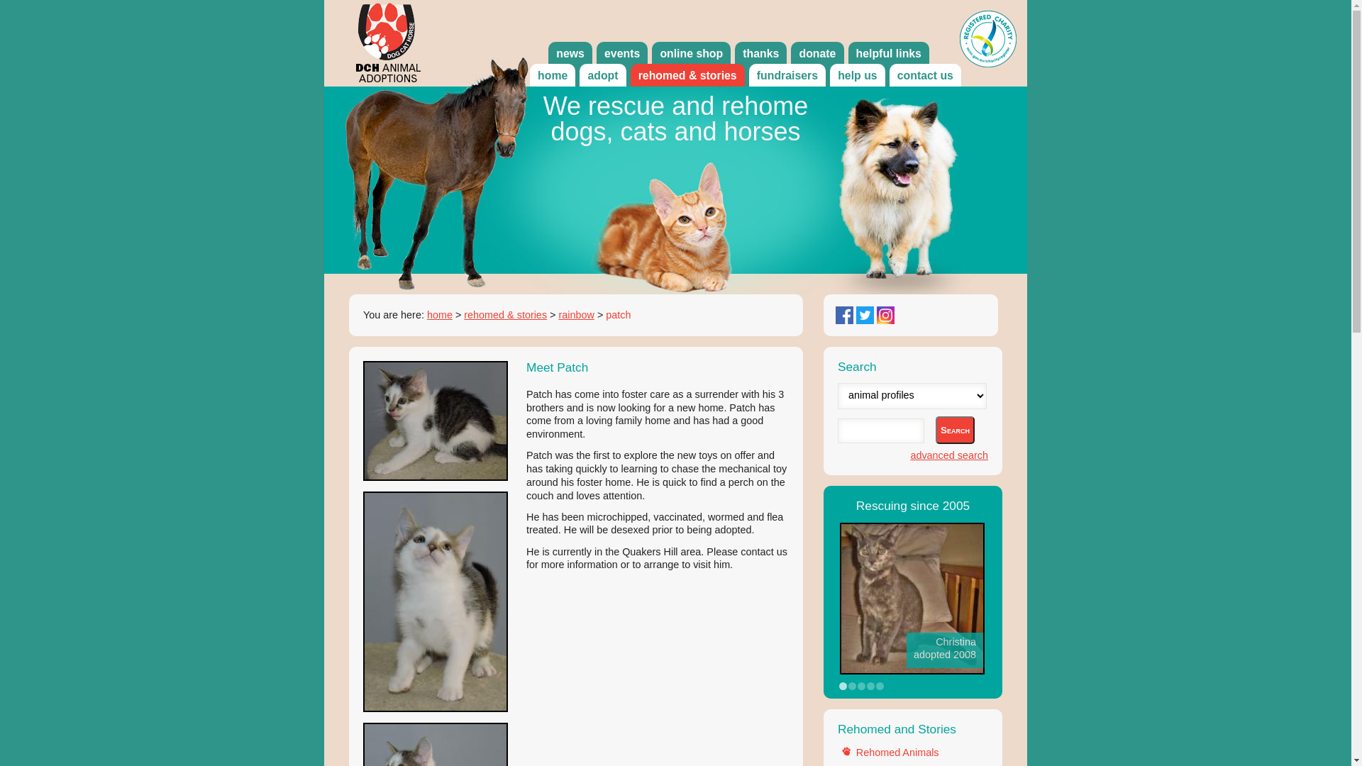 Image resolution: width=1362 pixels, height=766 pixels. What do you see at coordinates (888, 76) in the screenshot?
I see `'contact us'` at bounding box center [888, 76].